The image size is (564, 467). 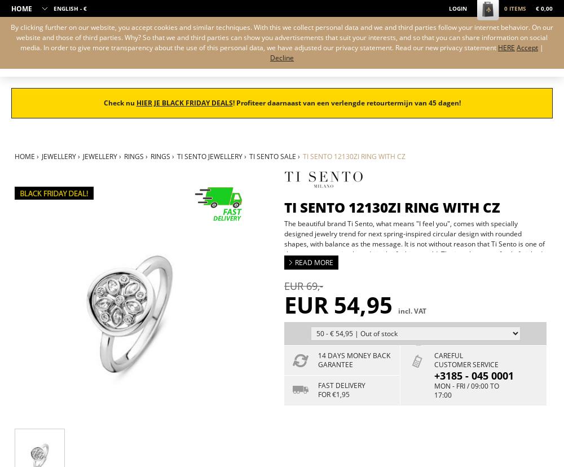 What do you see at coordinates (69, 8) in the screenshot?
I see `'English - €'` at bounding box center [69, 8].